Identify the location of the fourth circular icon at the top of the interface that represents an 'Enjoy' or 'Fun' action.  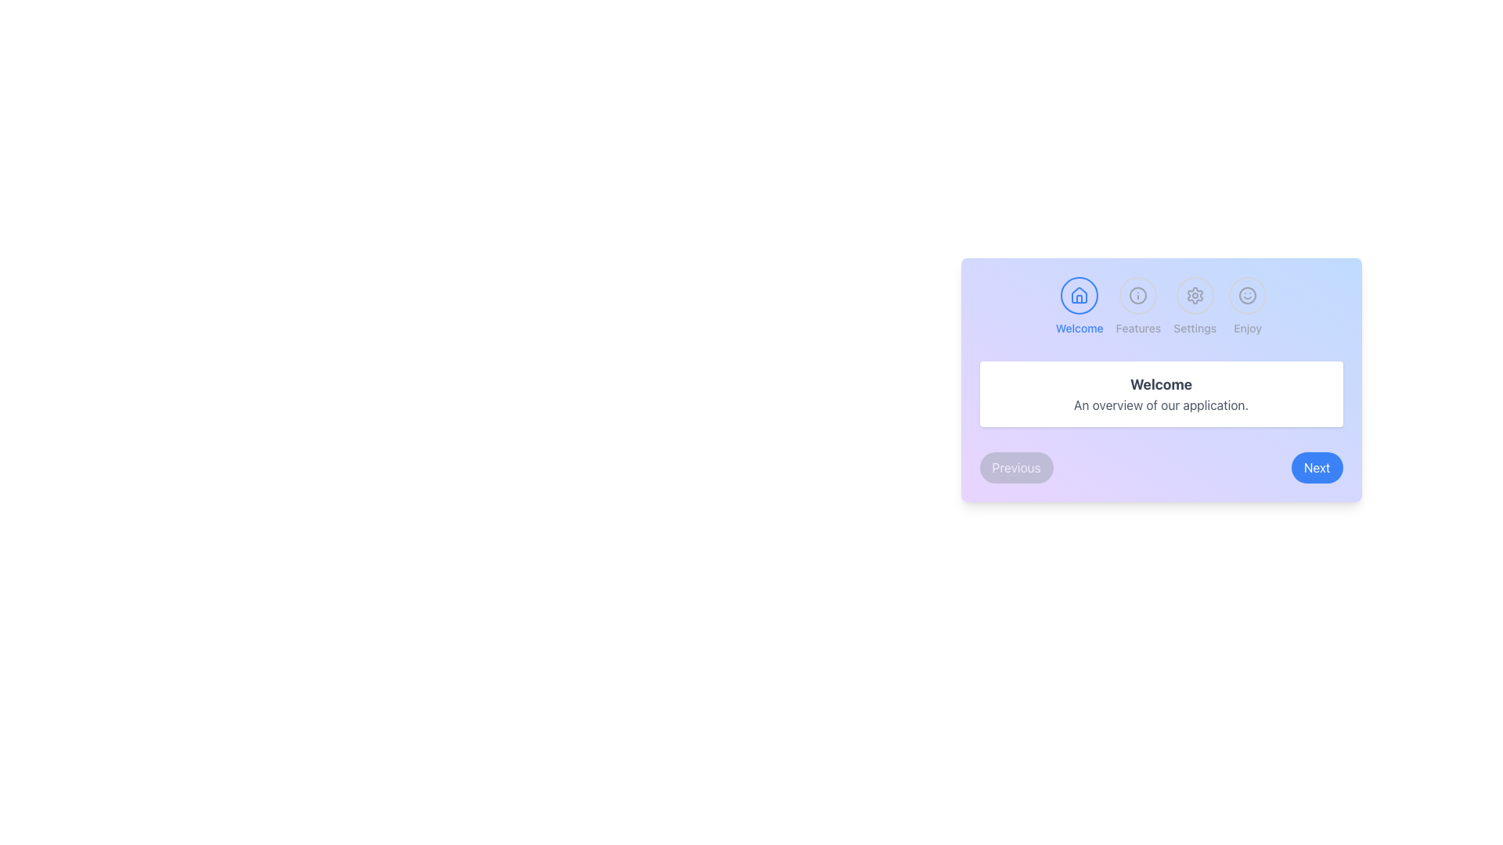
(1247, 296).